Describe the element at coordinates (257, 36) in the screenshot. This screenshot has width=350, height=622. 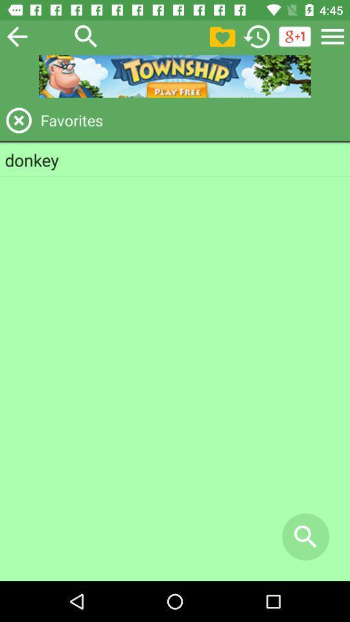
I see `the history icon` at that location.